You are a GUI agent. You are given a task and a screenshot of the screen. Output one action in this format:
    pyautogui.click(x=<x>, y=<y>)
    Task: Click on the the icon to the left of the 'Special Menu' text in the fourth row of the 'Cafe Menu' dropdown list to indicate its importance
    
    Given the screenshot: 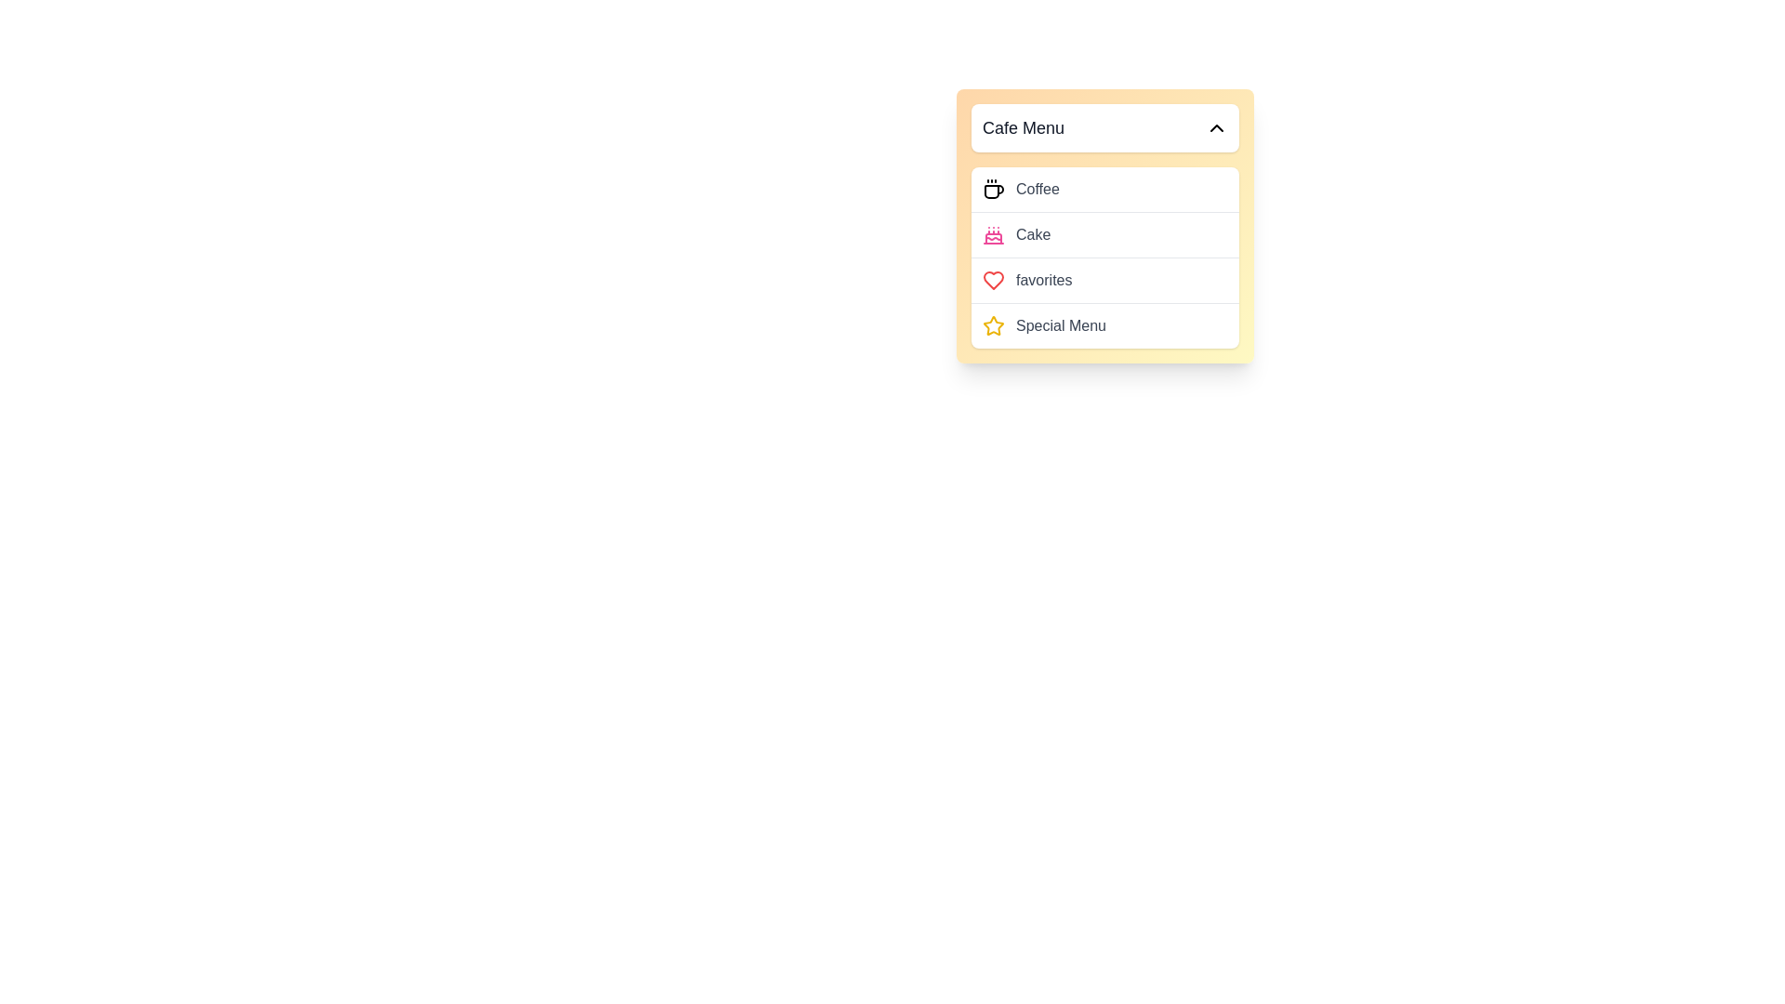 What is the action you would take?
    pyautogui.click(x=993, y=325)
    